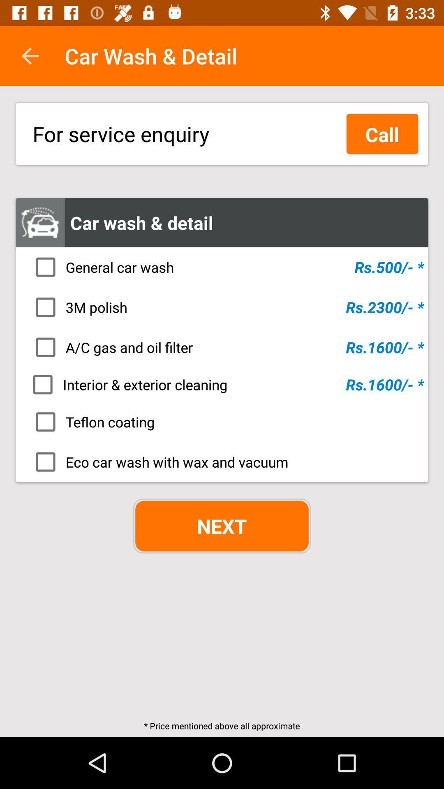  What do you see at coordinates (224, 384) in the screenshot?
I see `the icon below the a c gas` at bounding box center [224, 384].